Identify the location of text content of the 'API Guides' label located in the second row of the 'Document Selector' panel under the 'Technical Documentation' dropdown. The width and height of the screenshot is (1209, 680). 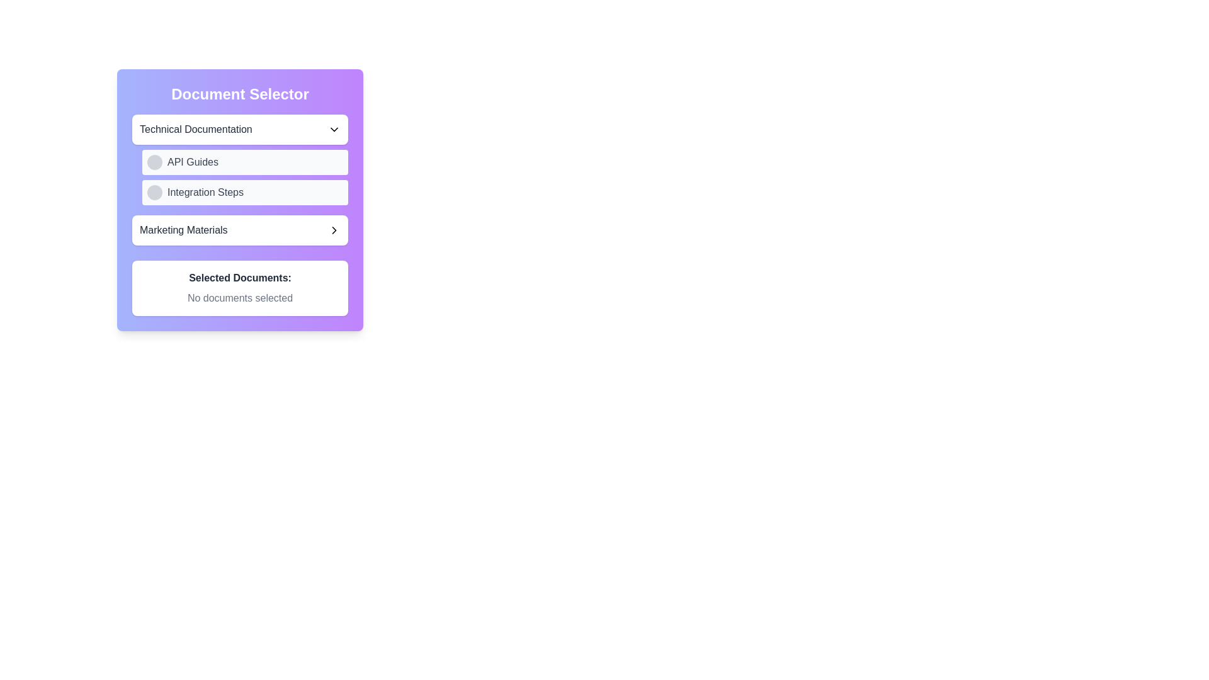
(192, 162).